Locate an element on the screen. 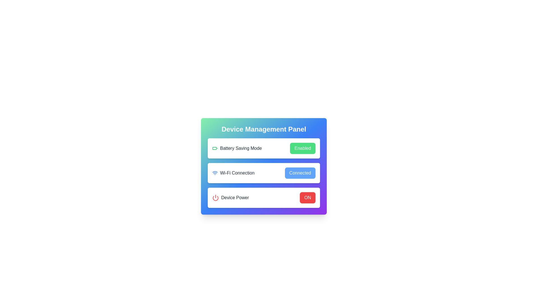 The height and width of the screenshot is (303, 539). the red power icon located in the third row of the device management panel, which represents the power state is located at coordinates (215, 198).